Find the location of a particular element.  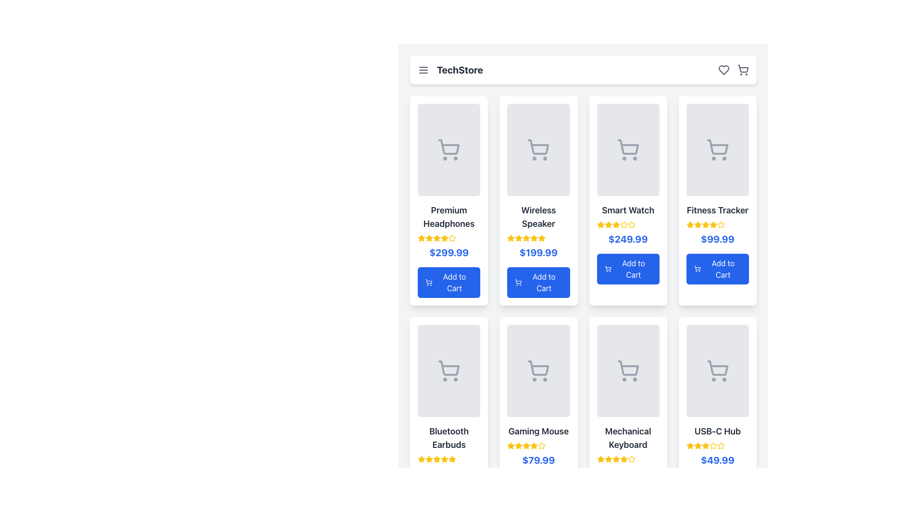

the 'Add to Cart' button containing the shopping cart icon for the 'Smart Watch' product by clicking on it is located at coordinates (607, 269).